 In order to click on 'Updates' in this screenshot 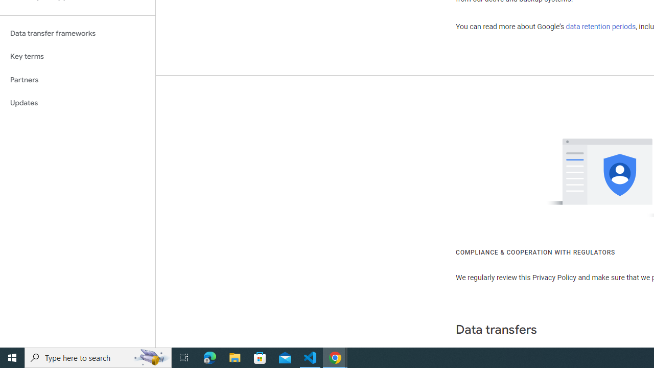, I will do `click(77, 103)`.